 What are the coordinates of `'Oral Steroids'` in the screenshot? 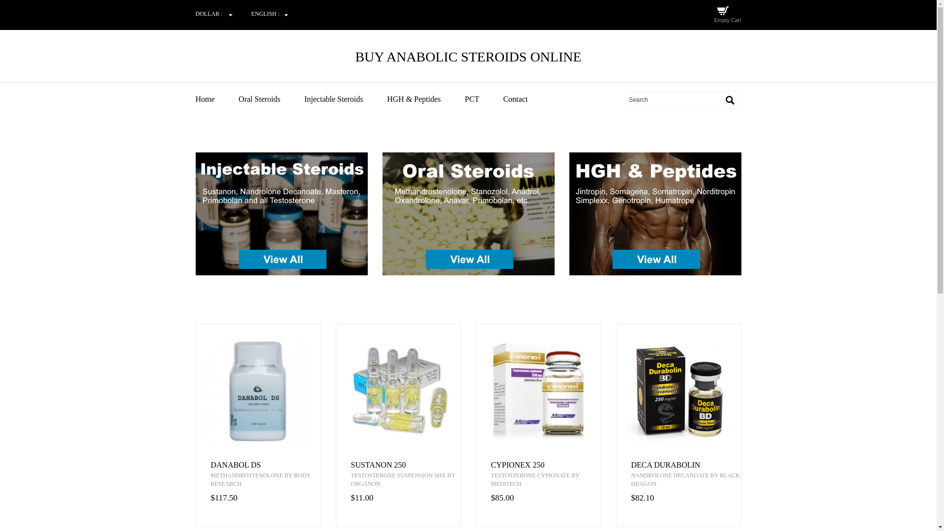 It's located at (238, 99).